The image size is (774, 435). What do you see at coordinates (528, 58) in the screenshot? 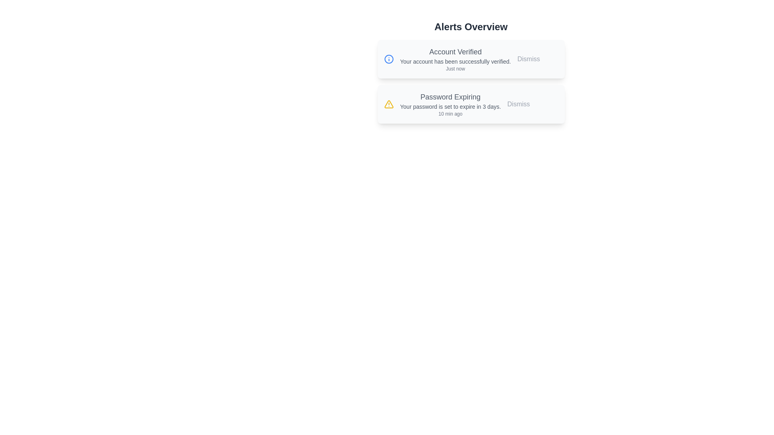
I see `the dismiss button for the alert titled 'Account Verified'` at bounding box center [528, 58].